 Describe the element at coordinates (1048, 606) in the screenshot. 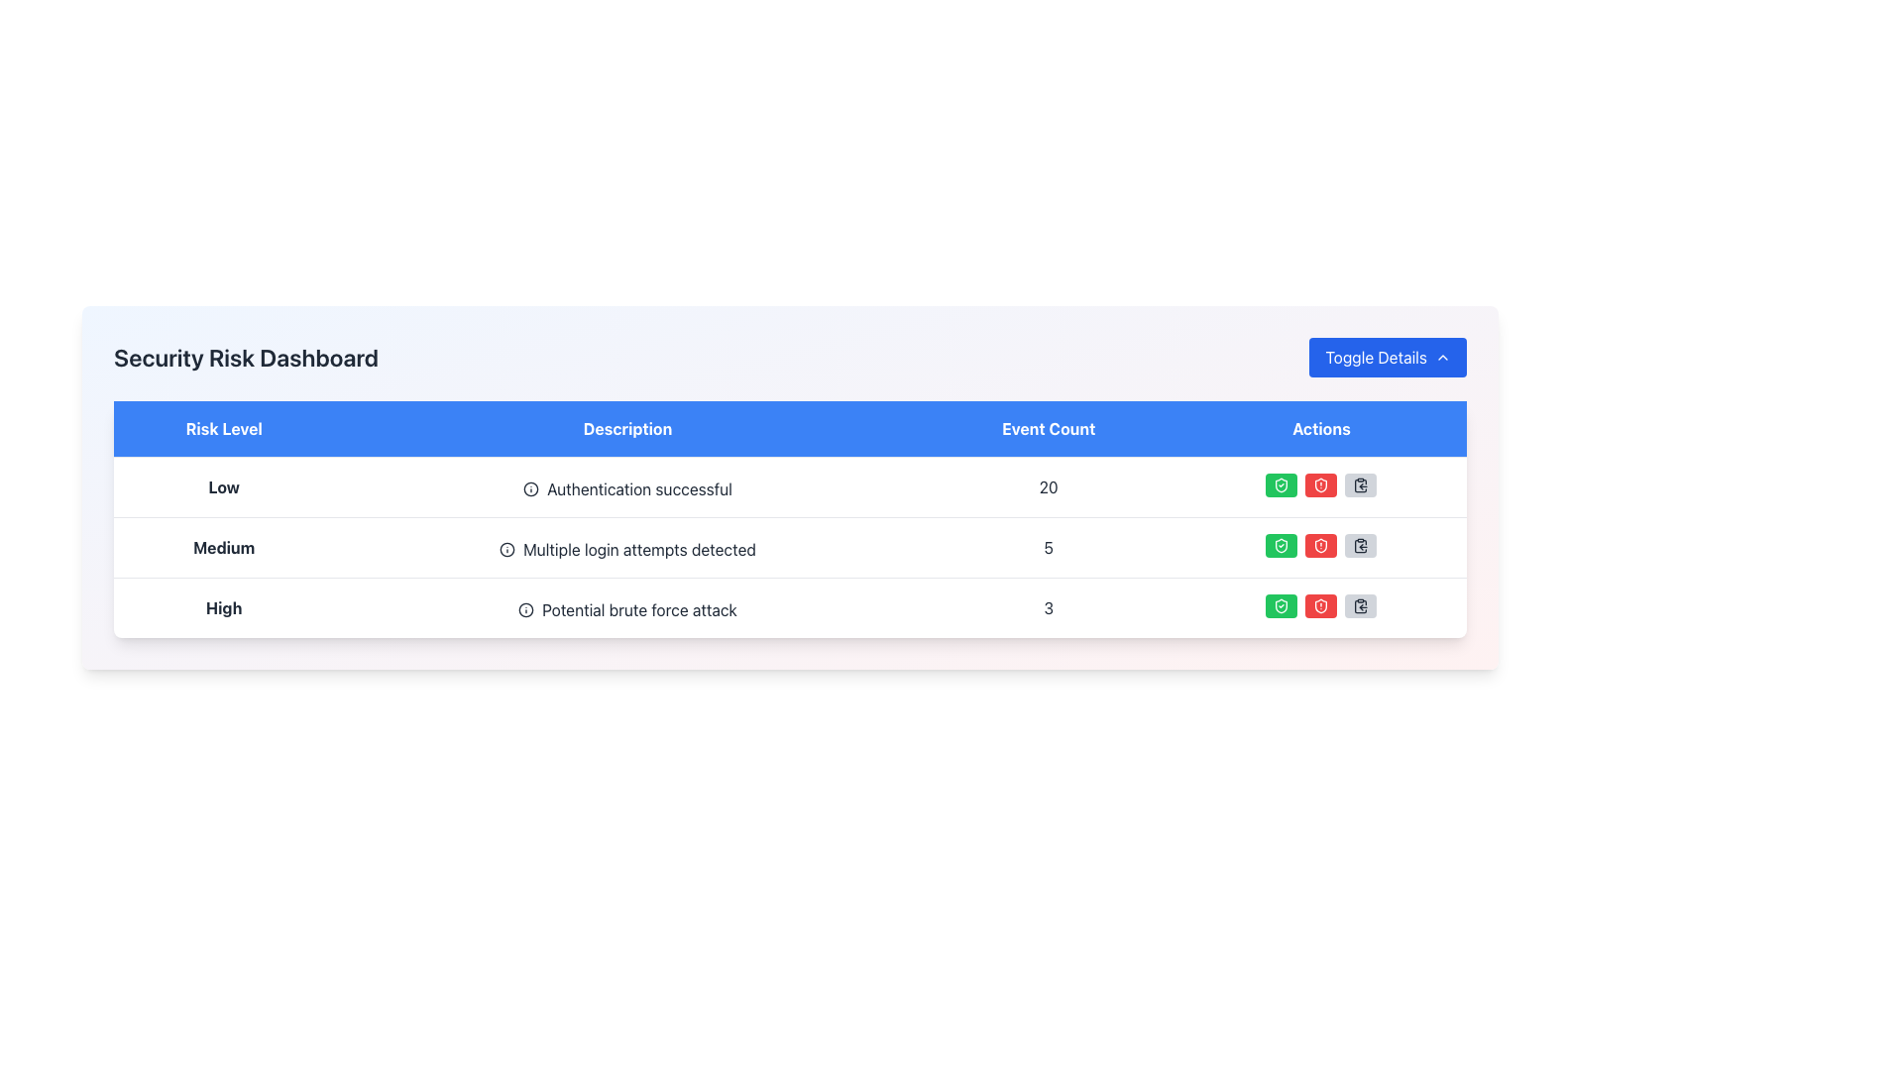

I see `the centered, bold numeral '3' in the 'Event Count' column of the 'High' risk level row in the structured table layout` at that location.